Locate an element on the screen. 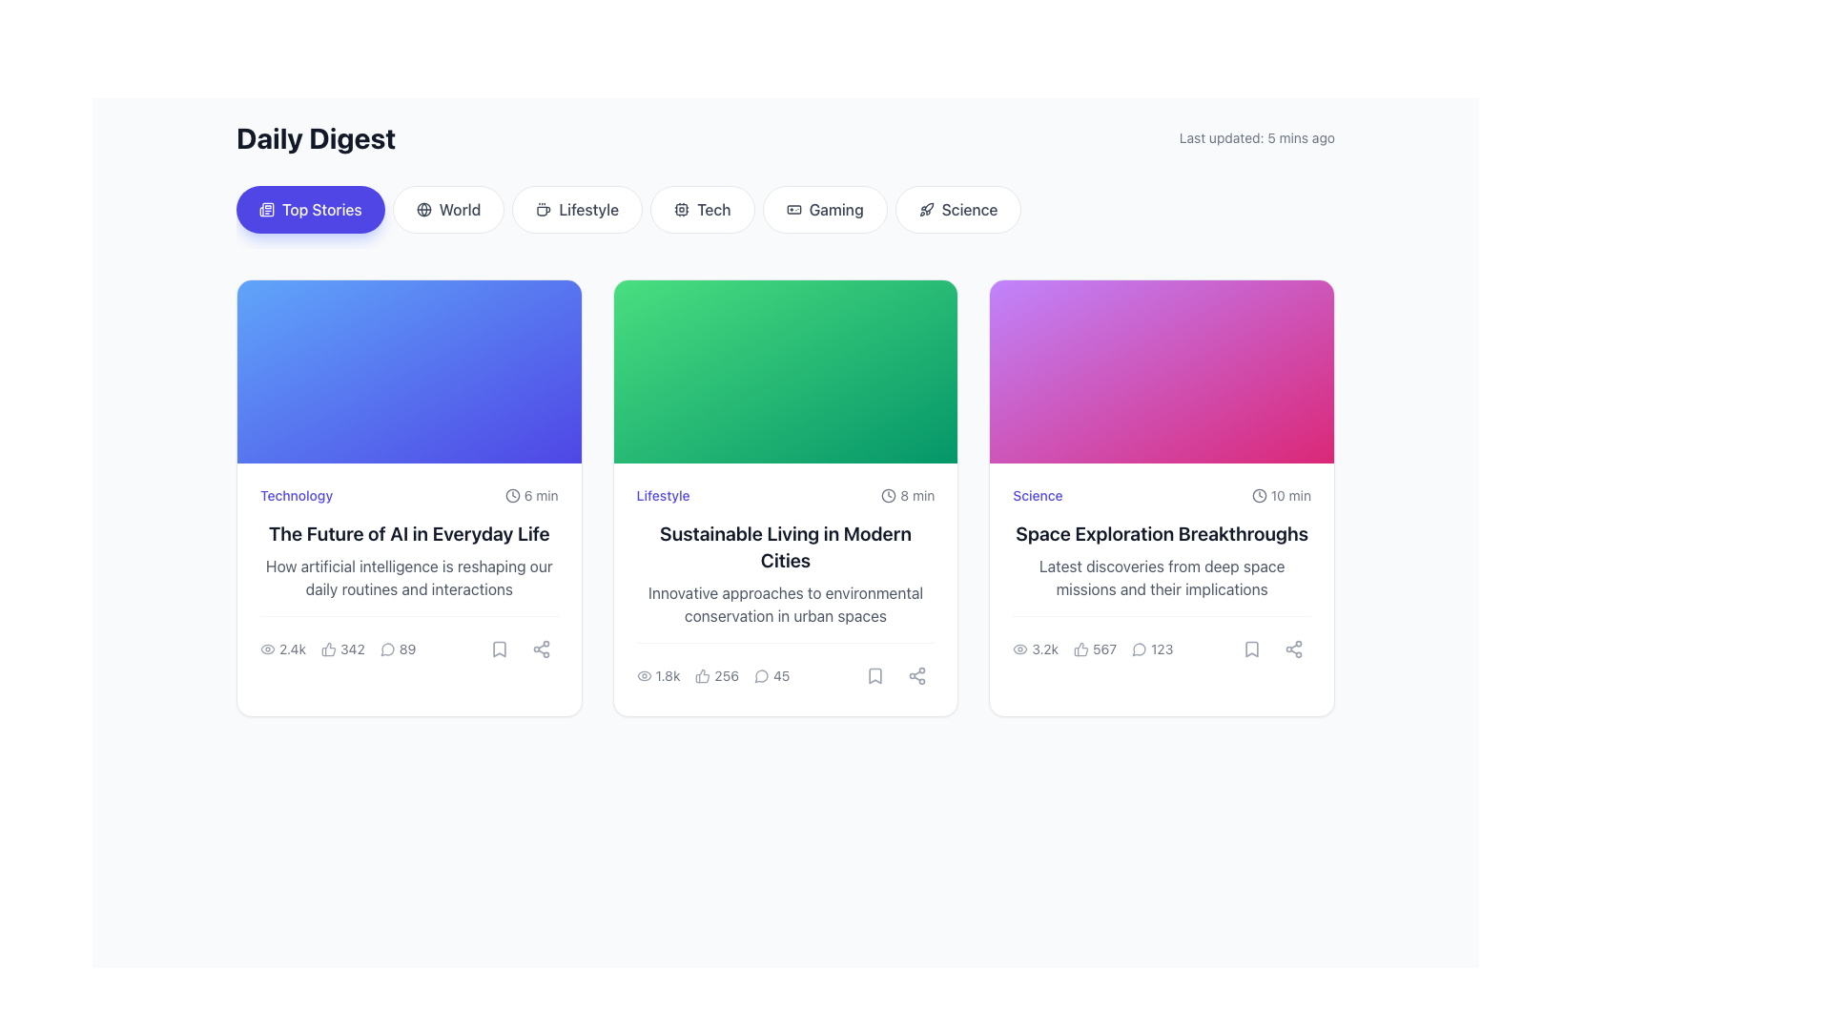 The width and height of the screenshot is (1831, 1030). the Text Header that indicates the theme or purpose of the content, positioned at the top-left corner of the interface, next to 'Last updated: 5 mins ago' is located at coordinates (316, 137).